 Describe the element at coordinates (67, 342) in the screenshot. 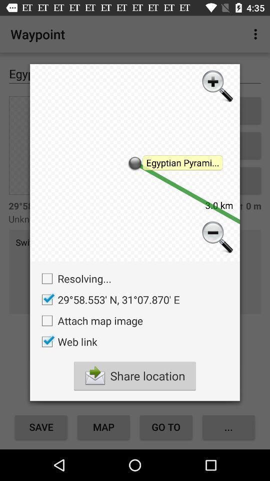

I see `button above the share location icon` at that location.